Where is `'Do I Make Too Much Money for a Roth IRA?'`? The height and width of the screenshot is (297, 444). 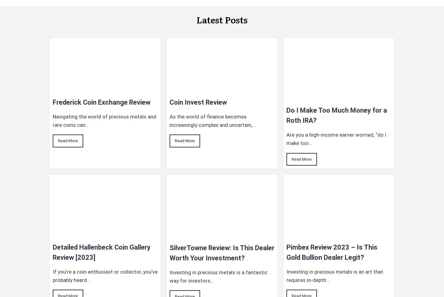
'Do I Make Too Much Money for a Roth IRA?' is located at coordinates (336, 115).